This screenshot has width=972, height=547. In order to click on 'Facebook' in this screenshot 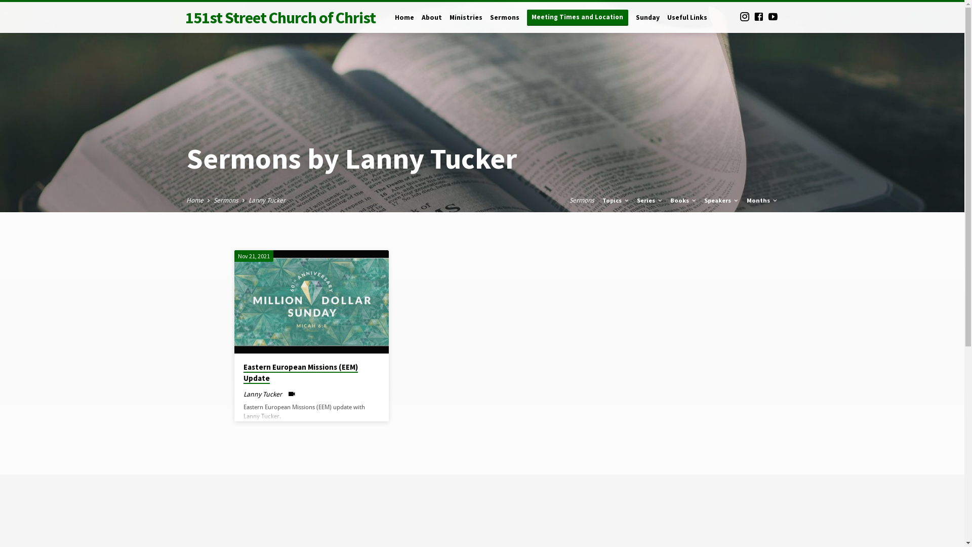, I will do `click(758, 17)`.